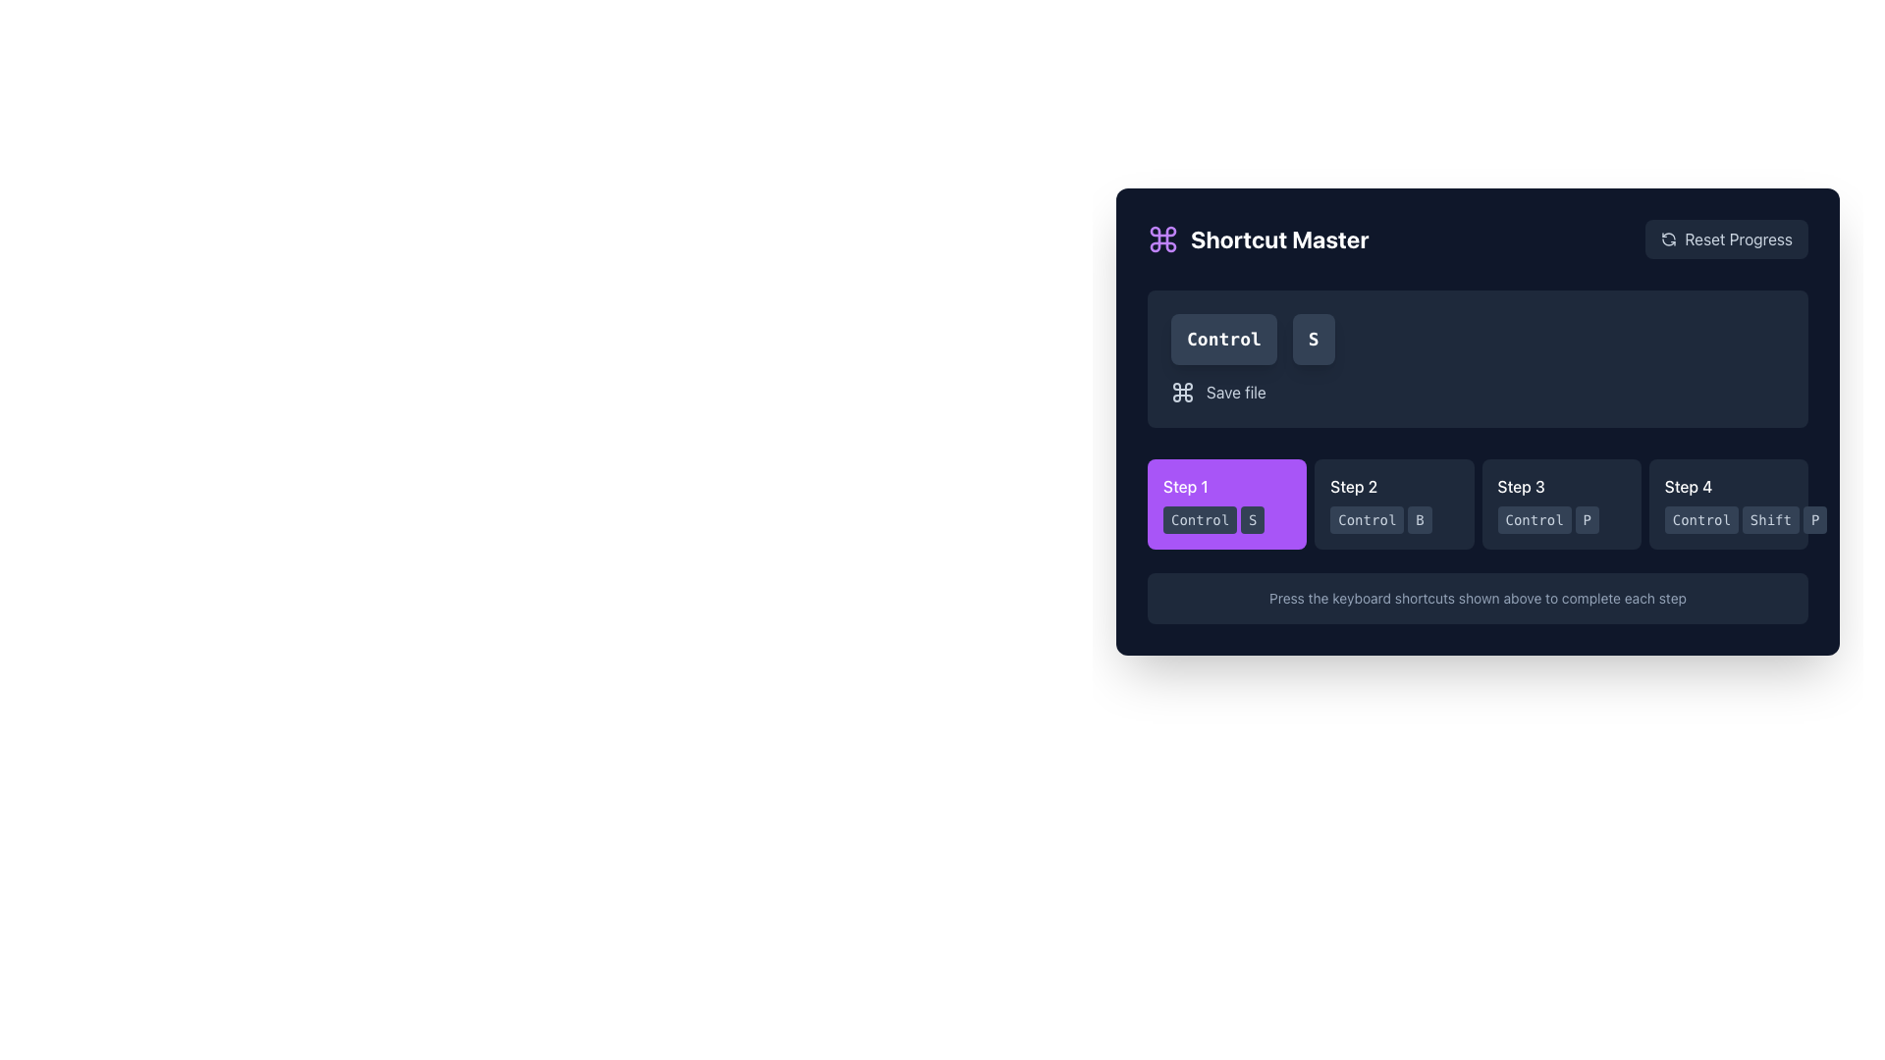 The width and height of the screenshot is (1885, 1060). What do you see at coordinates (1739, 238) in the screenshot?
I see `the text label within the button that functions as a reset progress control, located in the top-right corner of the interface` at bounding box center [1739, 238].